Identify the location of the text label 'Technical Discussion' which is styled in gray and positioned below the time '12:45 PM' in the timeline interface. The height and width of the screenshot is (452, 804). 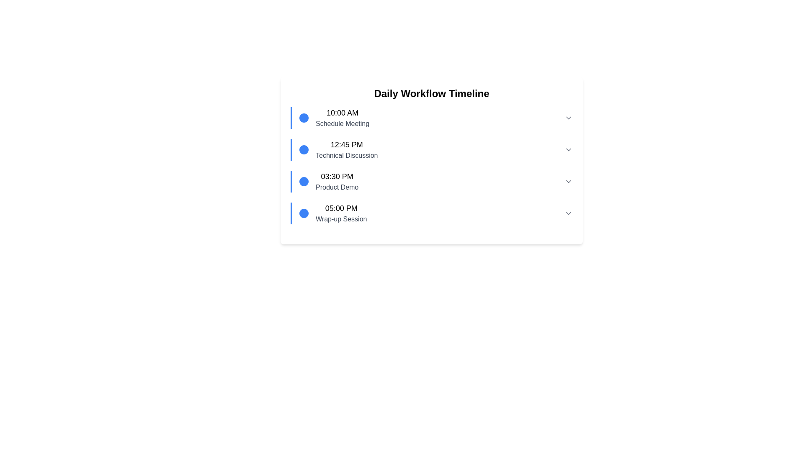
(347, 155).